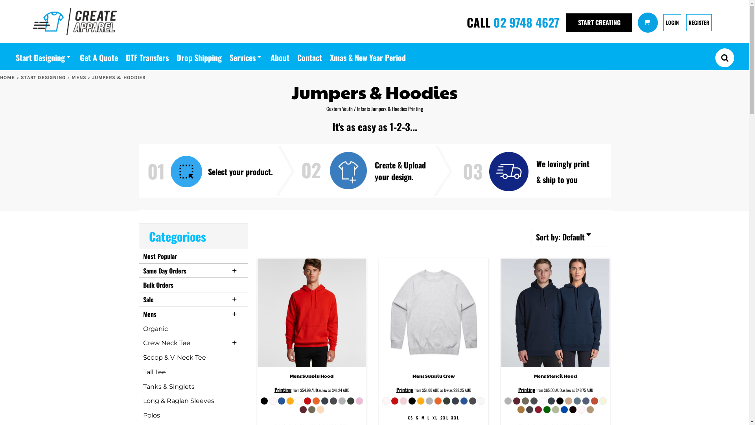 The height and width of the screenshot is (425, 755). What do you see at coordinates (158, 285) in the screenshot?
I see `'Bulk Orders'` at bounding box center [158, 285].